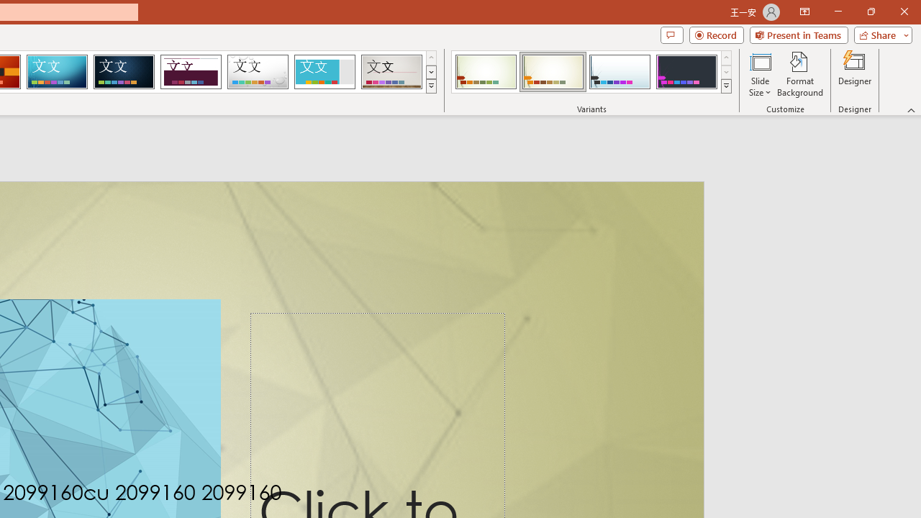 This screenshot has width=921, height=518. I want to click on 'Format Background', so click(799, 74).